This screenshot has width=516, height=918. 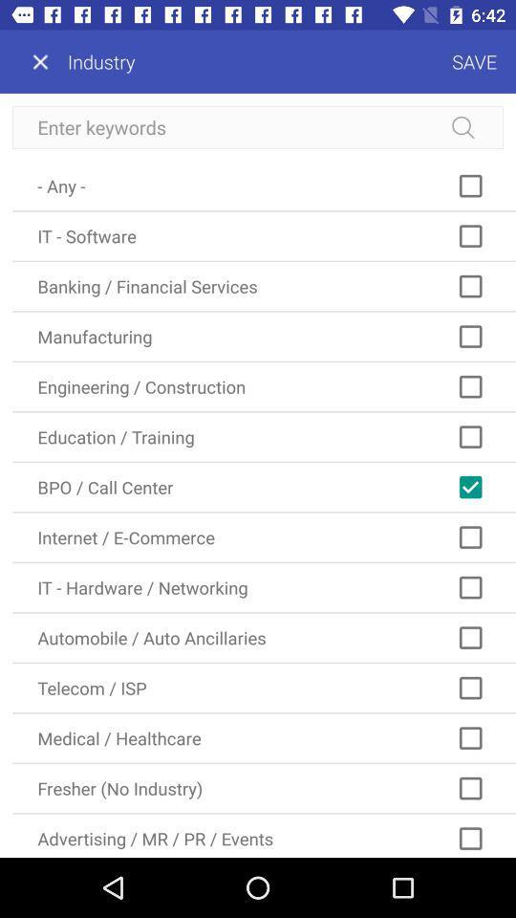 I want to click on the icon above education / training icon, so click(x=263, y=385).